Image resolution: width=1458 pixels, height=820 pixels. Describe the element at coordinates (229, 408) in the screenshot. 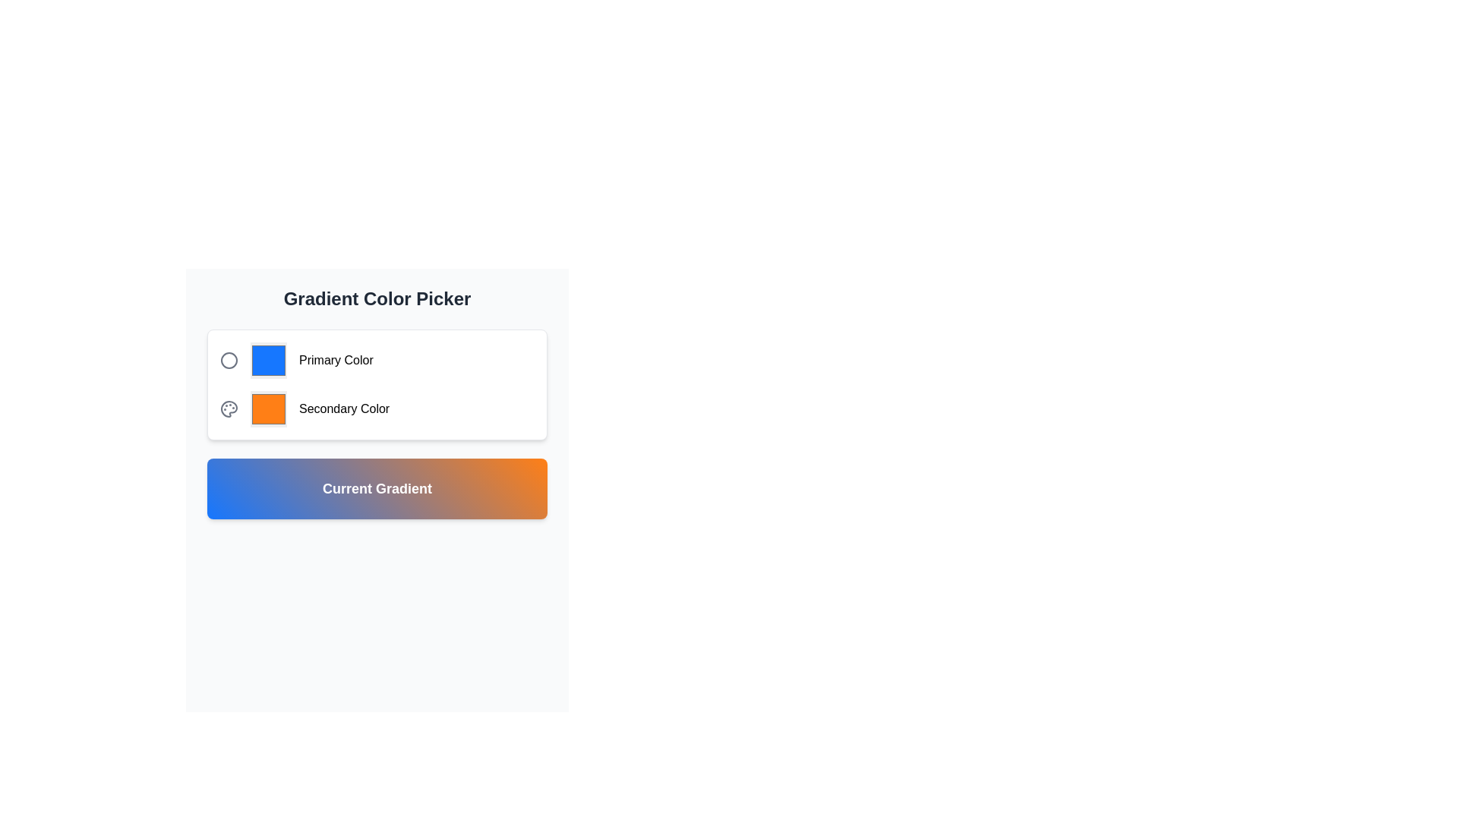

I see `gray circular palette icon with smaller circles representing paint wells, located in the 'Secondary Color' group, by clicking on it` at that location.